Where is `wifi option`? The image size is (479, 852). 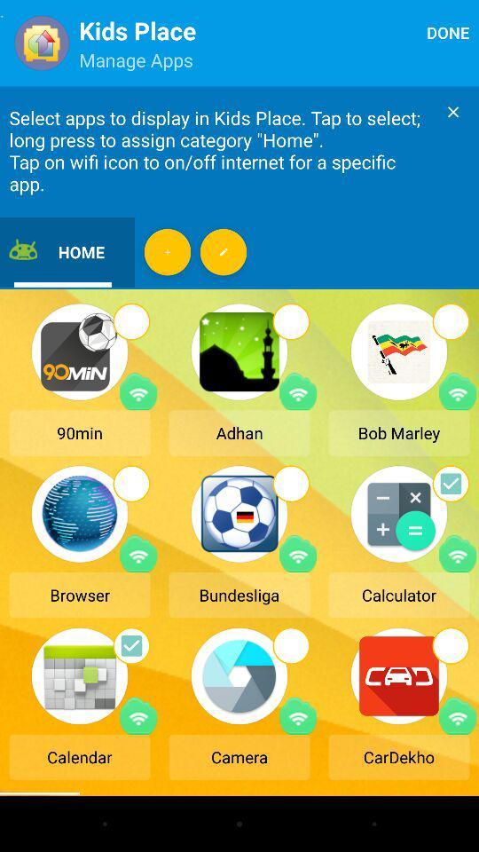
wifi option is located at coordinates (458, 715).